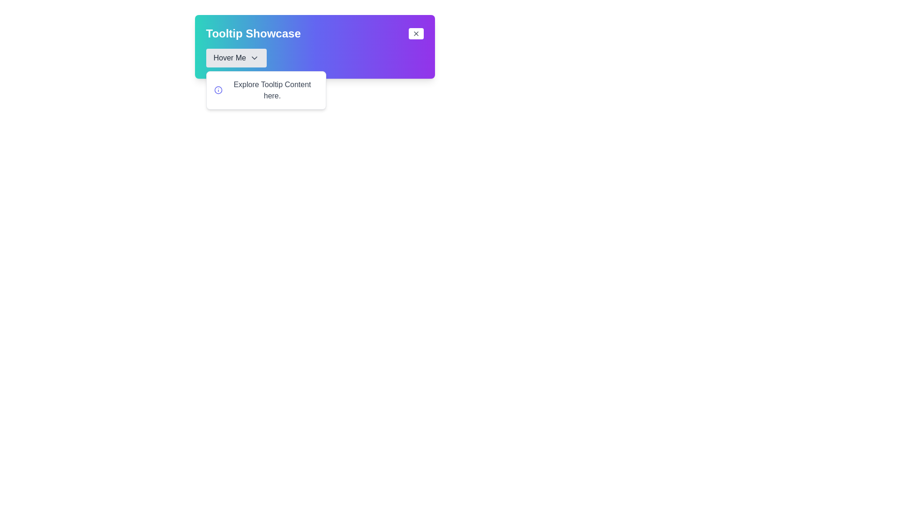  I want to click on the button with hover-trigger functionality located at the top section of the interface, so click(236, 58).